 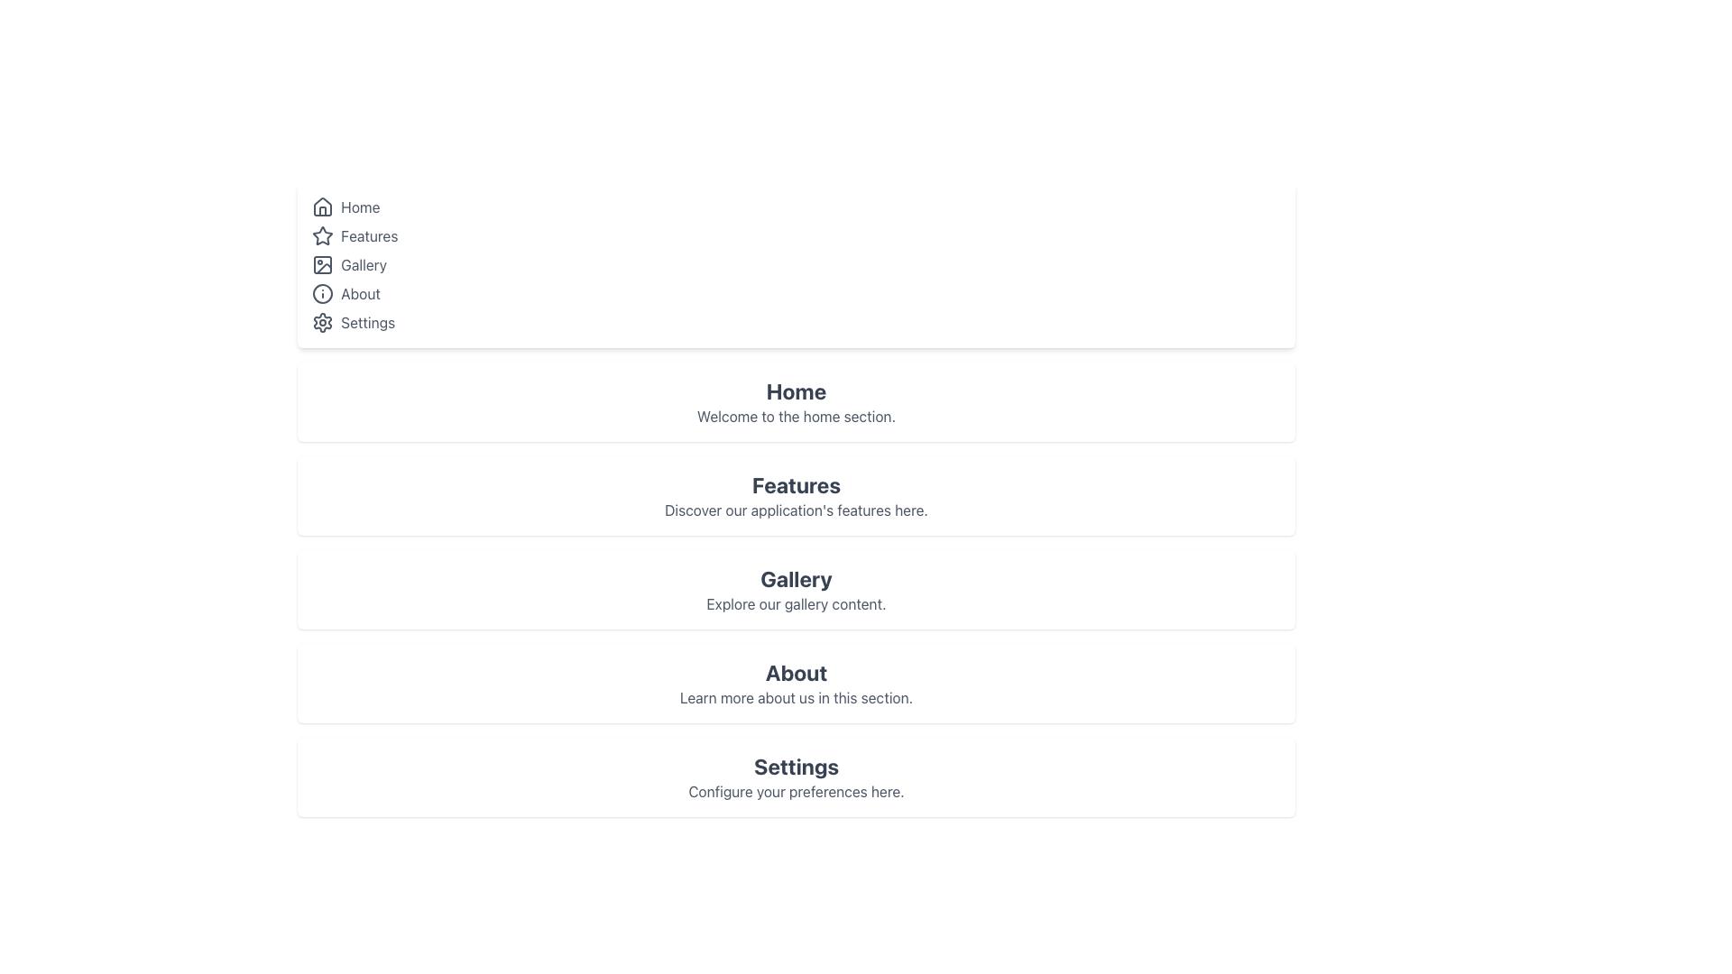 I want to click on the Informative Section titled 'Settings', which features a white rectangular background with rounded corners and contains the subtitle 'Configure your preferences here.', so click(x=796, y=776).